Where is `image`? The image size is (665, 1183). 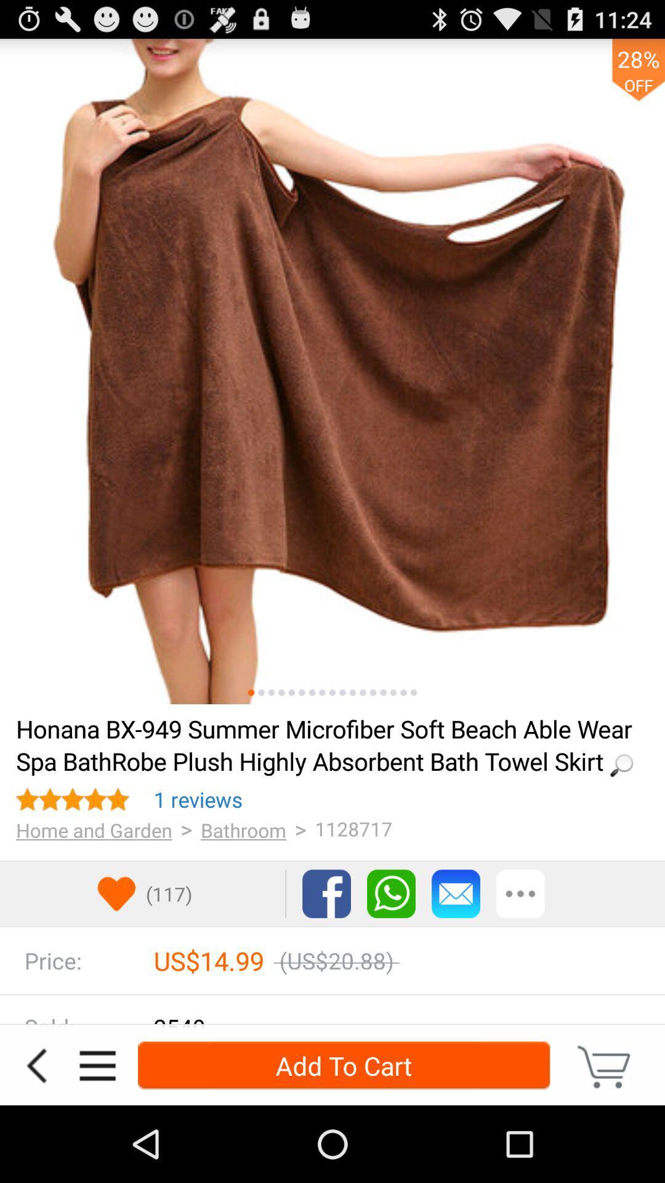
image is located at coordinates (321, 693).